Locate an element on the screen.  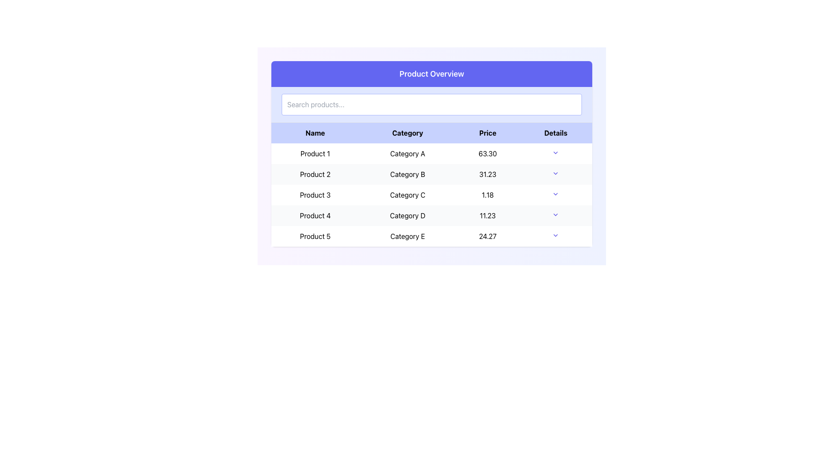
the static text block displaying the value '1.18' in the 'Price' column of the table for 'Product 3' is located at coordinates (488, 195).